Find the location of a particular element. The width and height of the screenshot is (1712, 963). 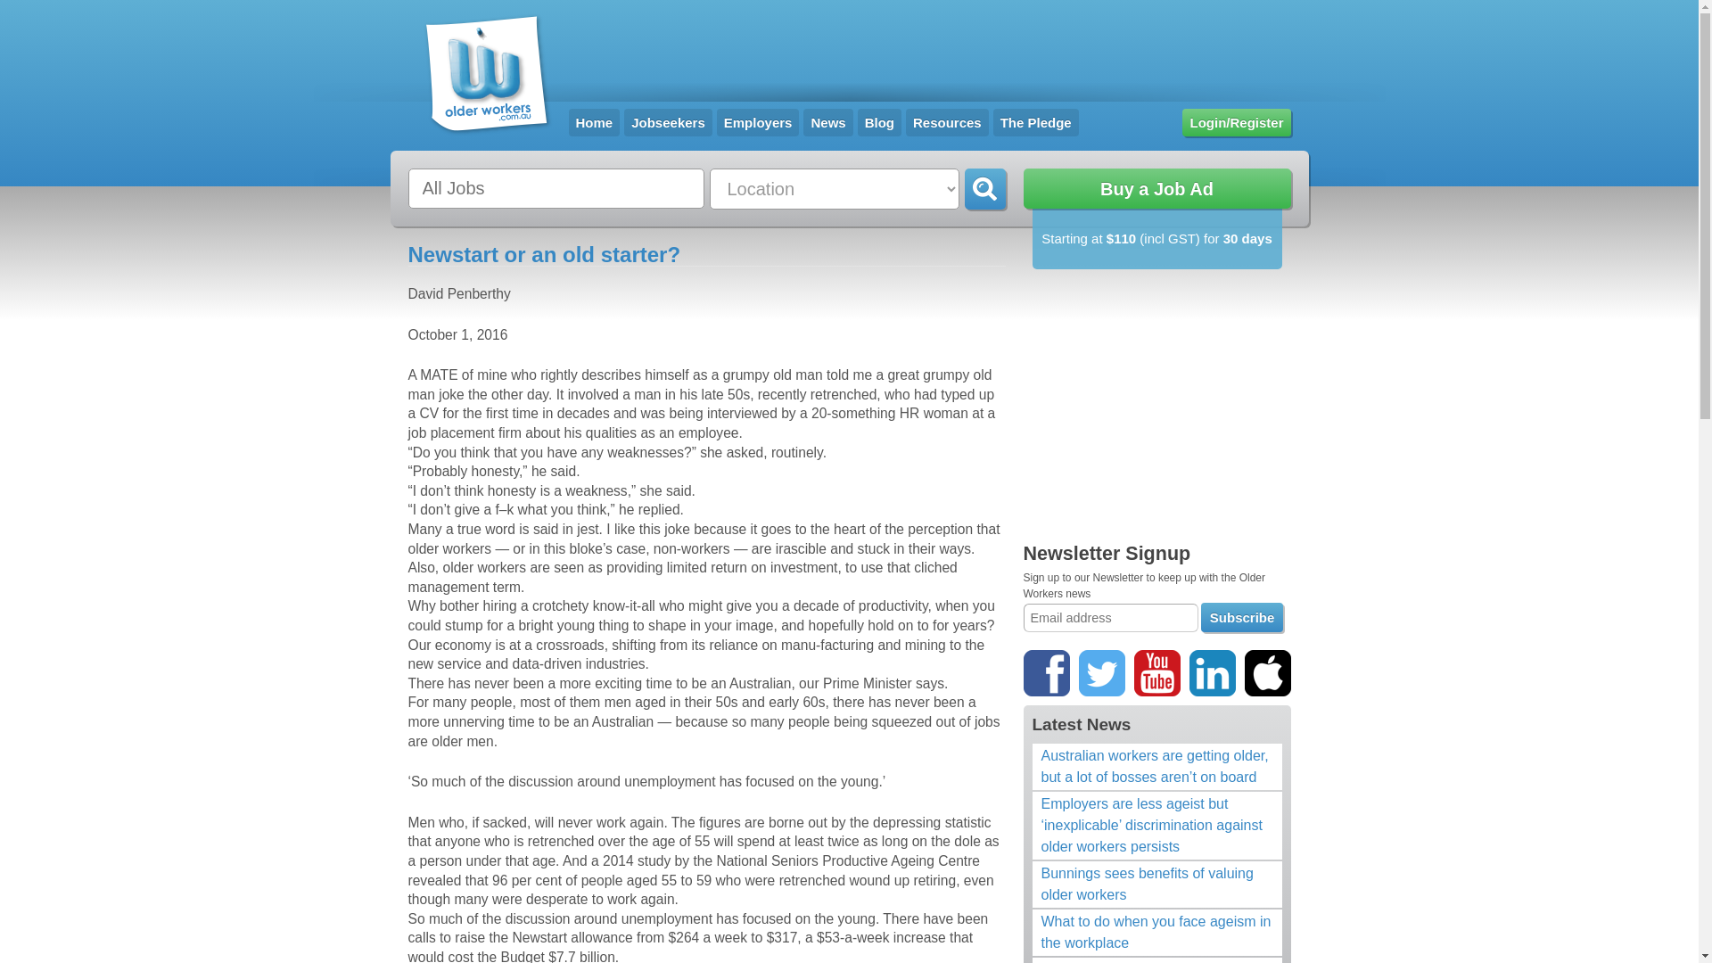

'Jobseekers' is located at coordinates (667, 121).